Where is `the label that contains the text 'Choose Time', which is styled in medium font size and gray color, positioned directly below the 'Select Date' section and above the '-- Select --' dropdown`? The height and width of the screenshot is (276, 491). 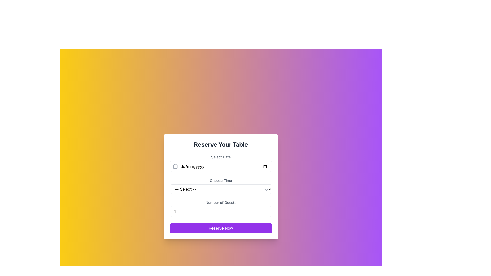
the label that contains the text 'Choose Time', which is styled in medium font size and gray color, positioned directly below the 'Select Date' section and above the '-- Select --' dropdown is located at coordinates (221, 180).